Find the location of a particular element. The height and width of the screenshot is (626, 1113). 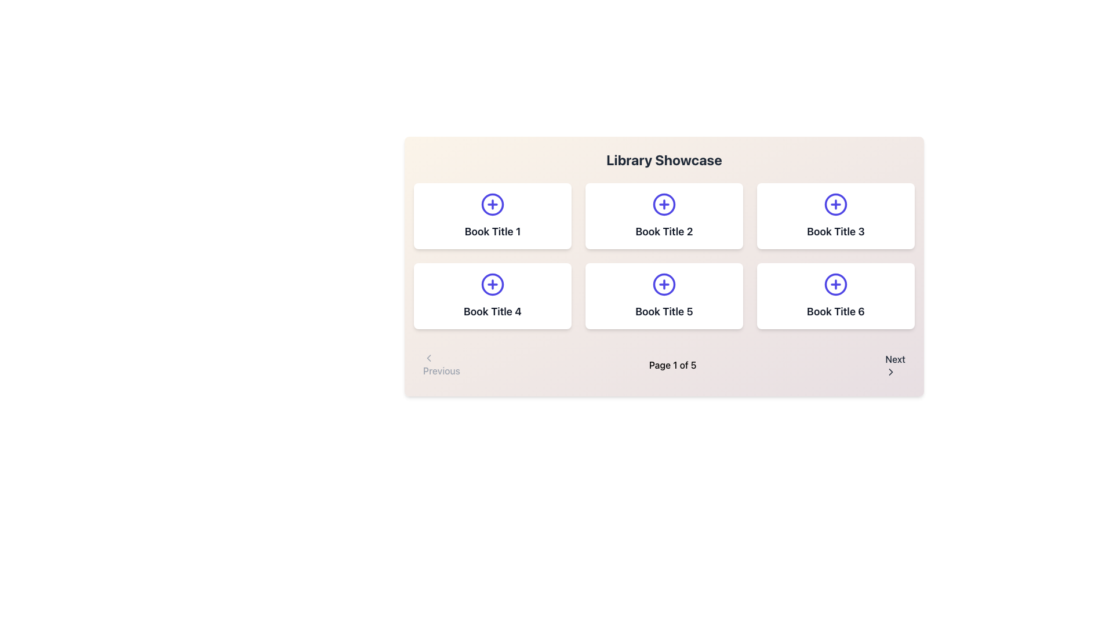

text content of the static text header located at the top center of the library collection section, which indicates the main theme or purpose of the section is located at coordinates (664, 160).